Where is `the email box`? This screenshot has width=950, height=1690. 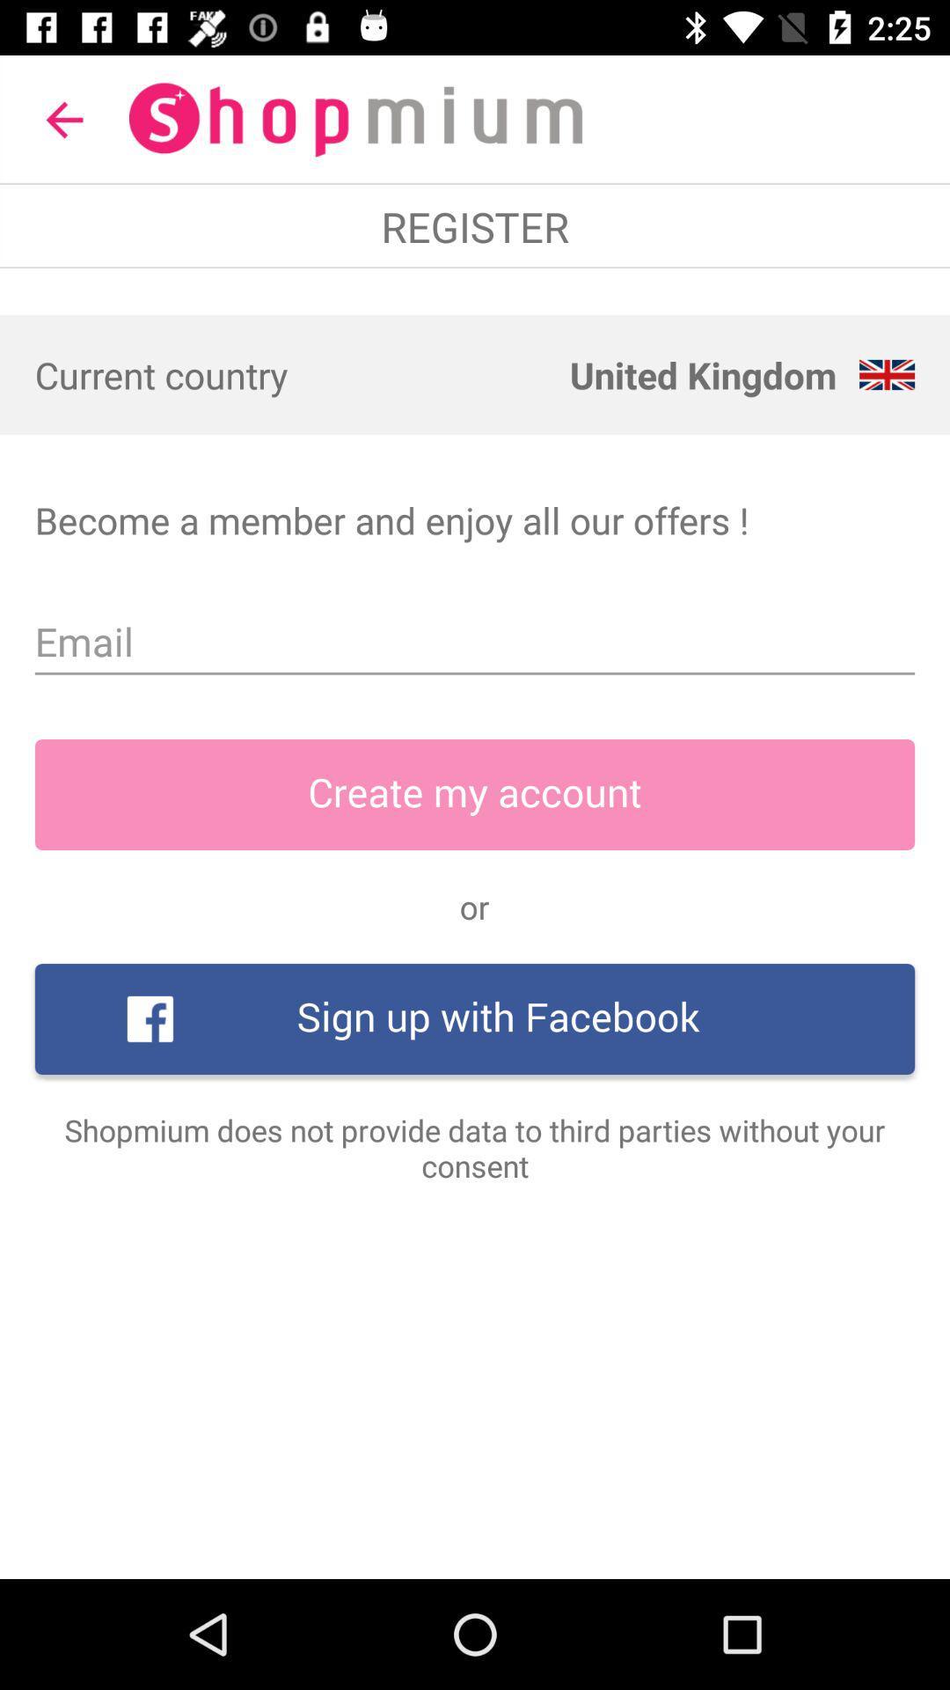
the email box is located at coordinates (475, 641).